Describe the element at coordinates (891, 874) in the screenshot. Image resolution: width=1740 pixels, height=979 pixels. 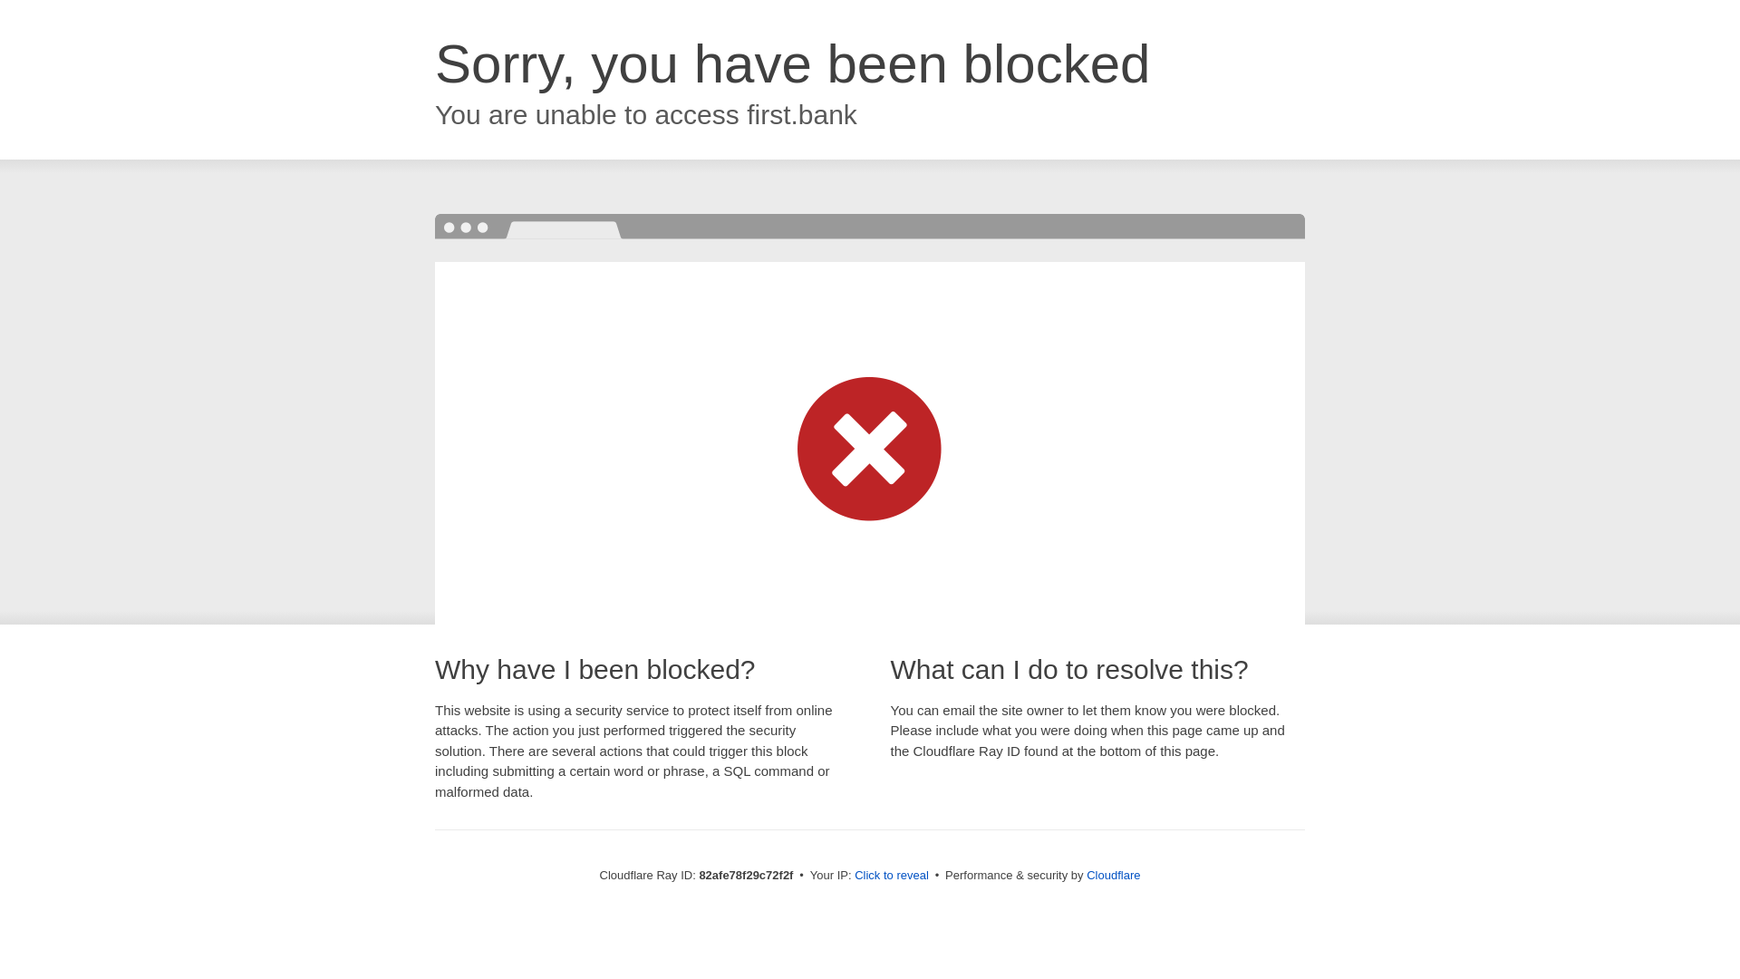
I see `'Click to reveal'` at that location.